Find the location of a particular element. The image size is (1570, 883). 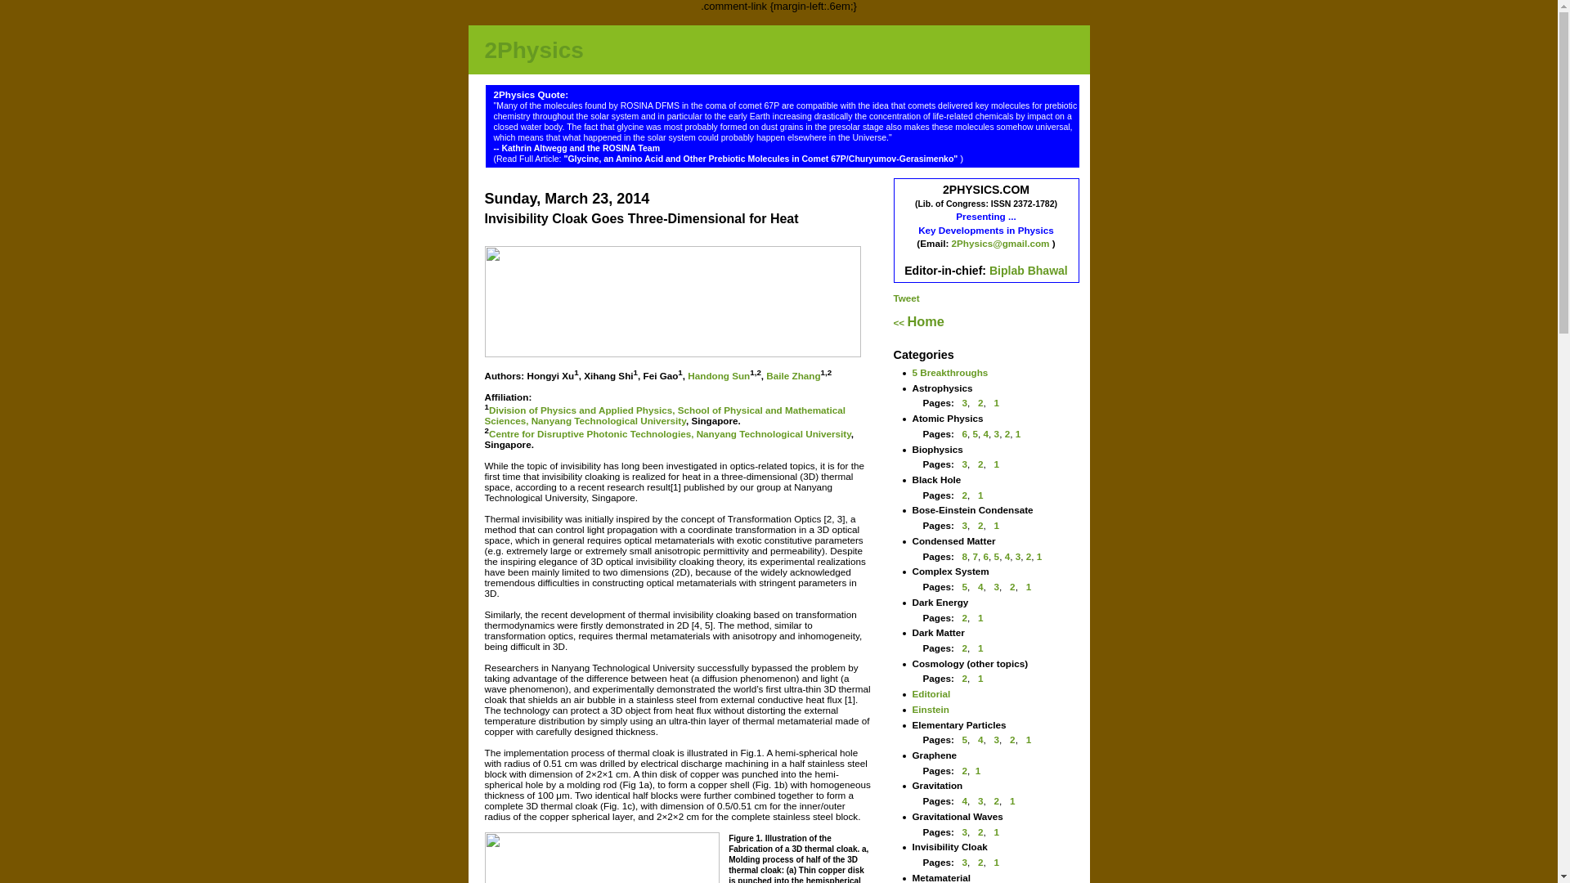

'2' is located at coordinates (965, 647).